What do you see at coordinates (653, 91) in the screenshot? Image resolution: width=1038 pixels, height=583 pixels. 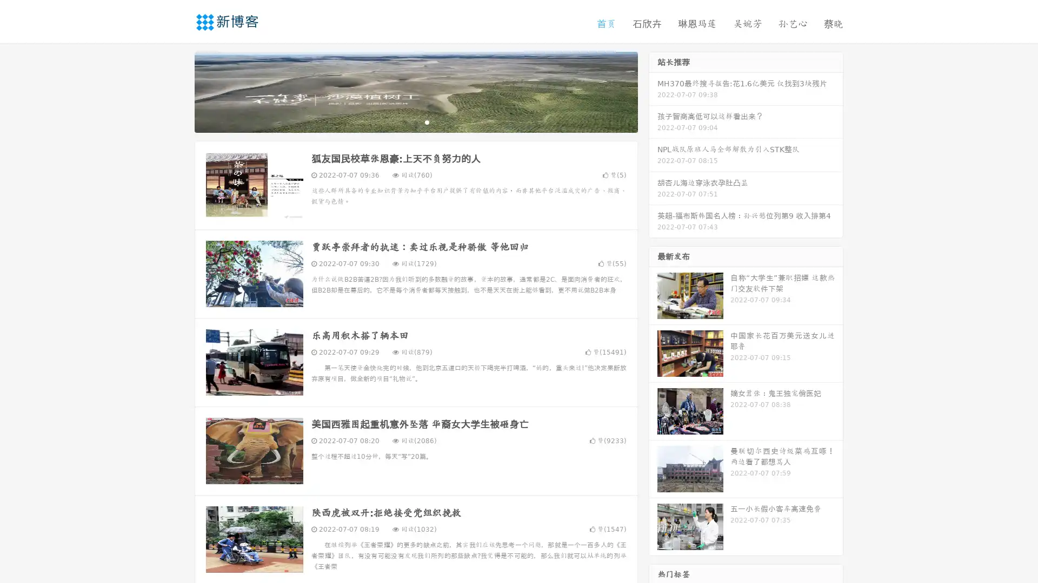 I see `Next slide` at bounding box center [653, 91].